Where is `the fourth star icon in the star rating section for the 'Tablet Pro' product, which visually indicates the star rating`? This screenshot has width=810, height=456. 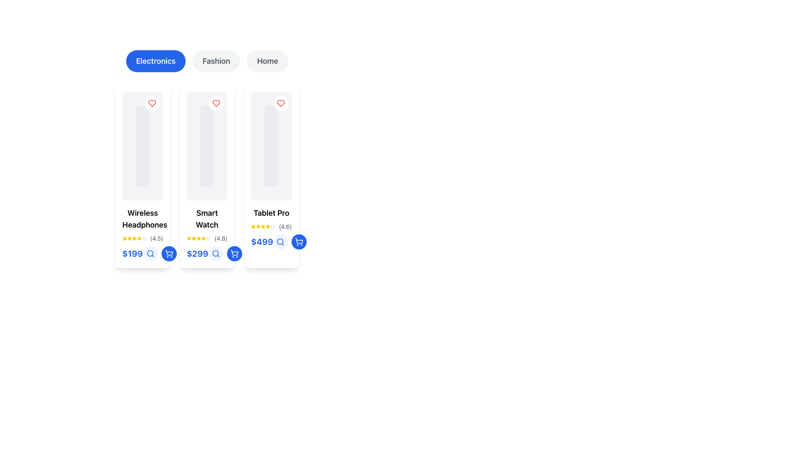
the fourth star icon in the star rating section for the 'Tablet Pro' product, which visually indicates the star rating is located at coordinates (263, 226).